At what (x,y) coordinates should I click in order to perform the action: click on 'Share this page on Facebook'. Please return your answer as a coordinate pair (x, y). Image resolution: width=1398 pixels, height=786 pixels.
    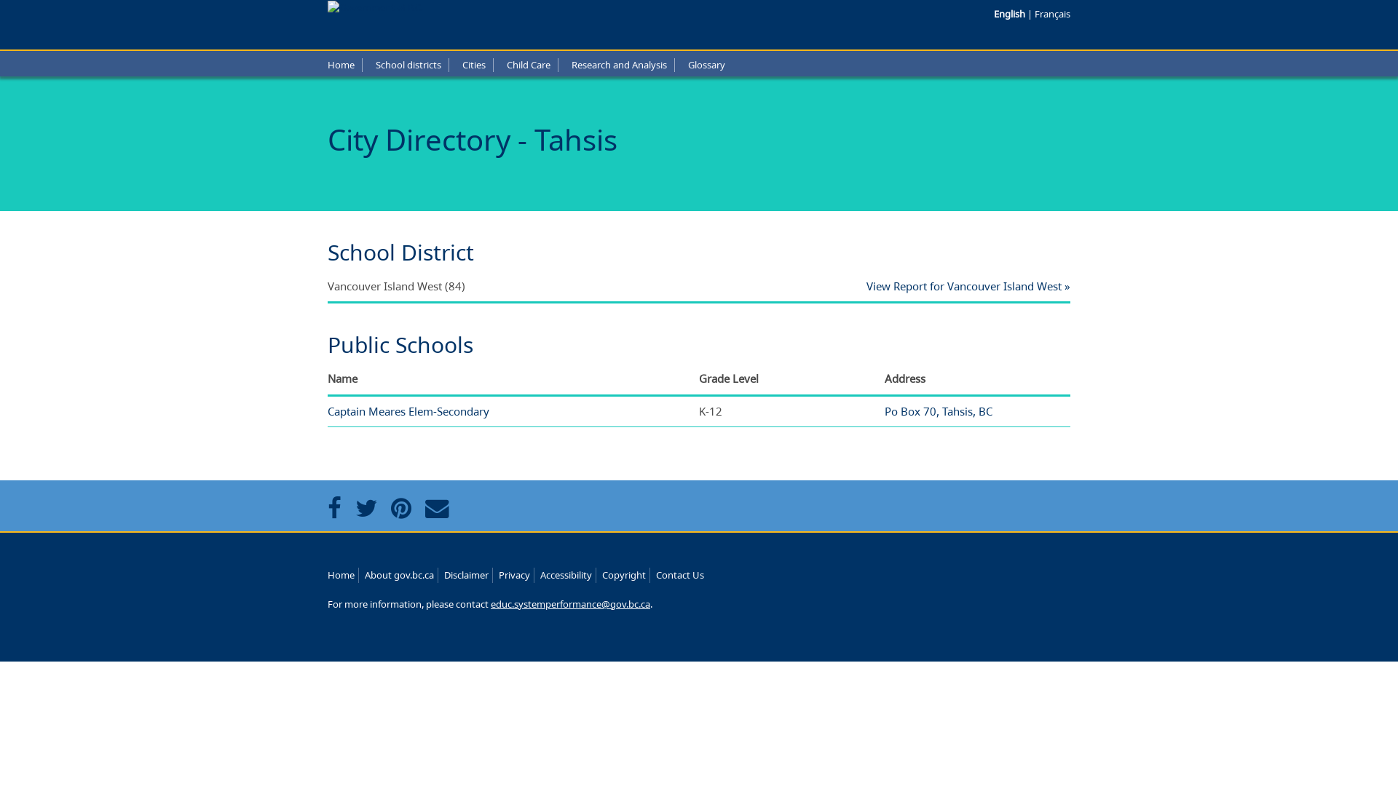
    Looking at the image, I should click on (327, 507).